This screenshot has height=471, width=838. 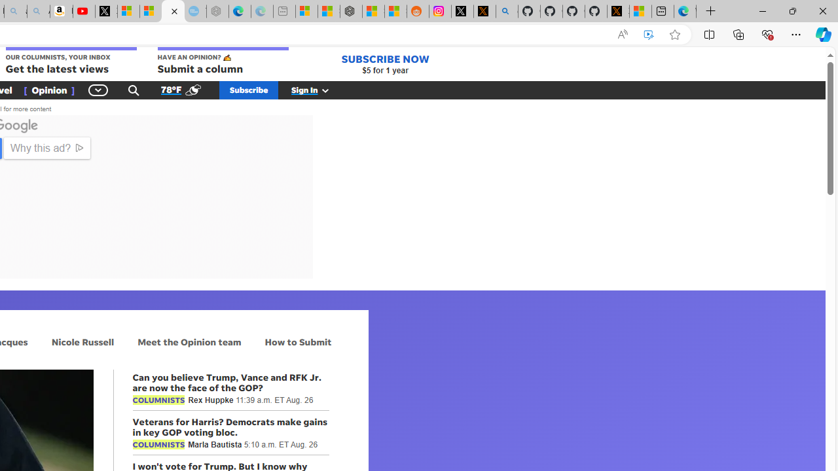 What do you see at coordinates (249, 89) in the screenshot?
I see `'Subscribe'` at bounding box center [249, 89].